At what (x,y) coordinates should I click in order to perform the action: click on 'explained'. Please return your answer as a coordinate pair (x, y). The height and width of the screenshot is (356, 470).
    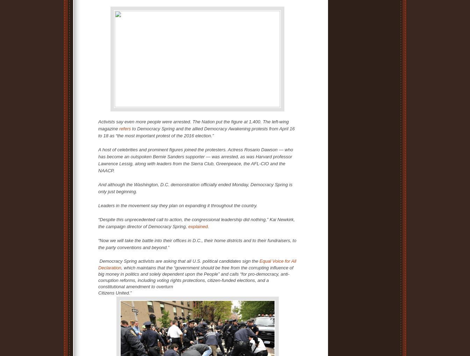
    Looking at the image, I should click on (188, 226).